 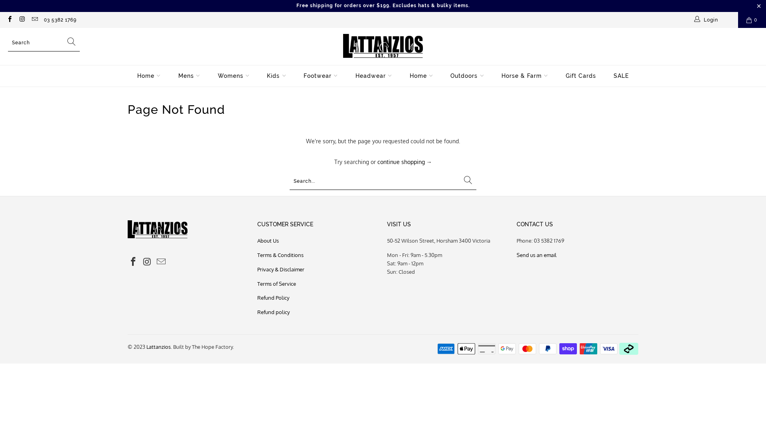 I want to click on 'About Us', so click(x=257, y=240).